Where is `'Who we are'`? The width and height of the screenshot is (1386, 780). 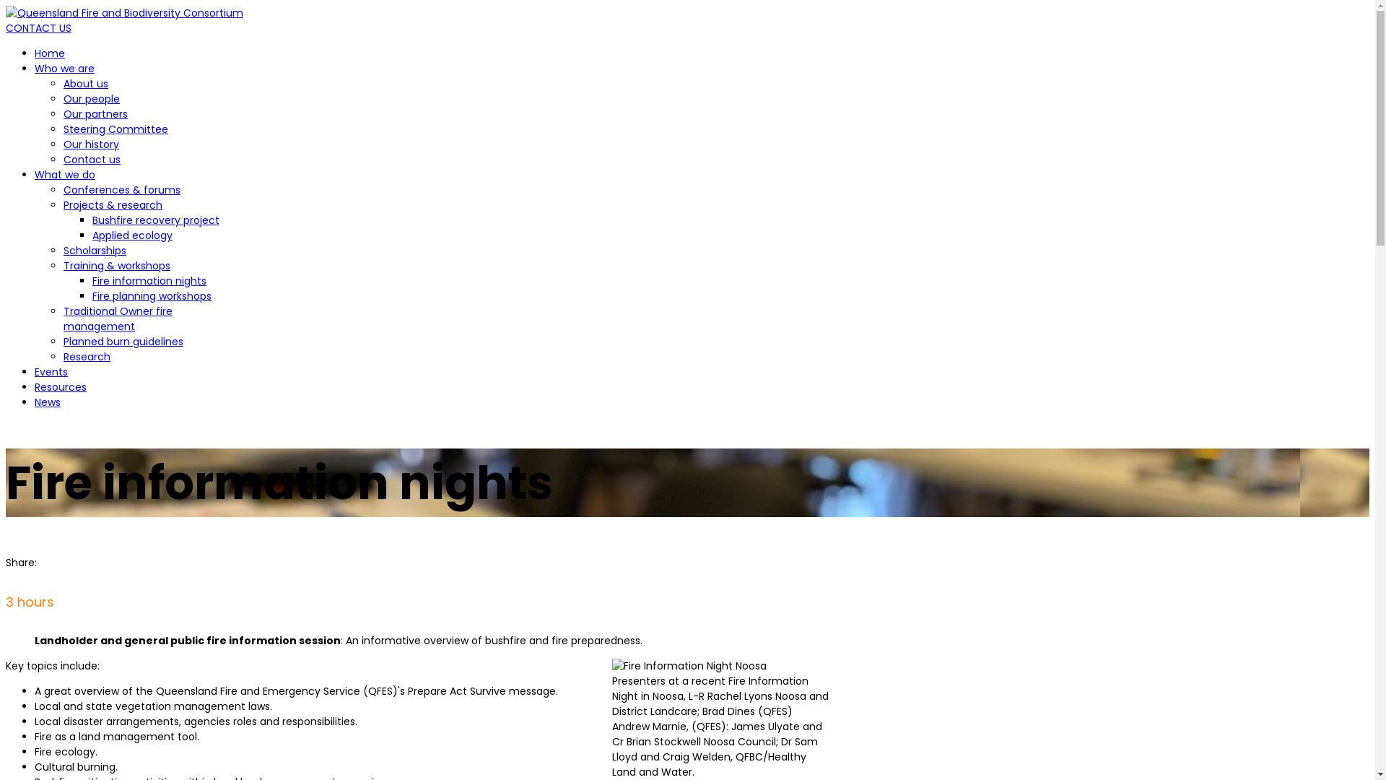 'Who we are' is located at coordinates (64, 69).